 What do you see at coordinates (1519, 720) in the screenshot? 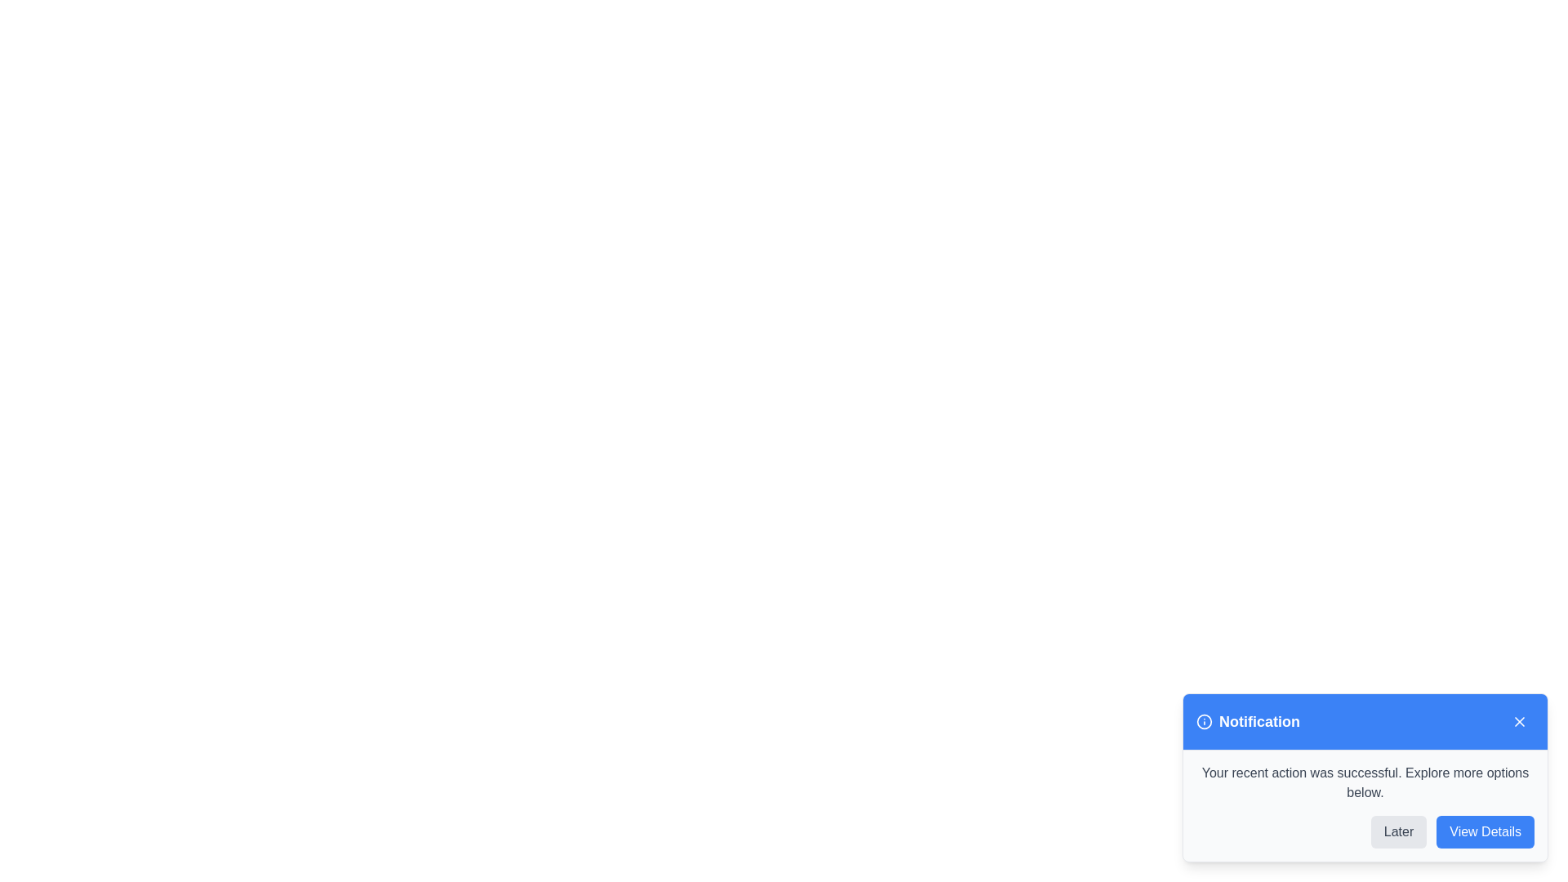
I see `the close button (icon button with an 'x' icon) located at the top-right corner of the blue notification header` at bounding box center [1519, 720].